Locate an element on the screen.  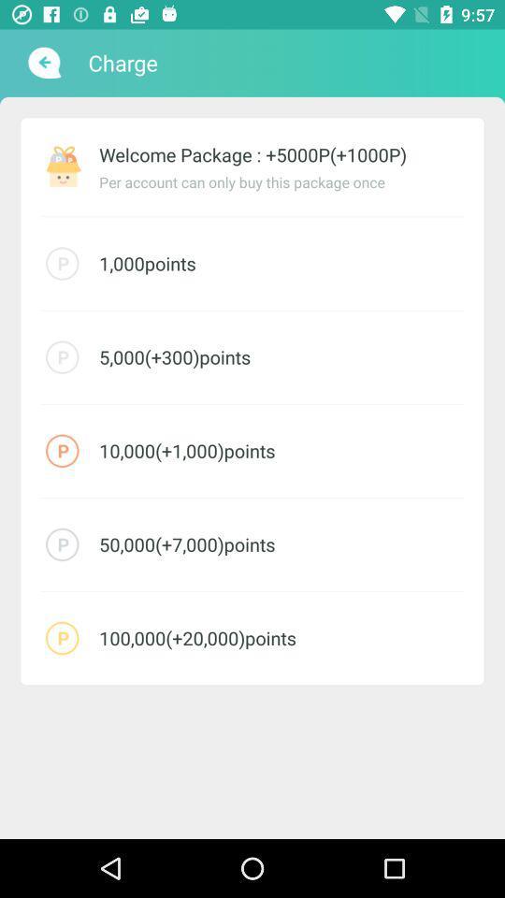
the icon on left to the text 1000 points on the web page is located at coordinates (62, 263).